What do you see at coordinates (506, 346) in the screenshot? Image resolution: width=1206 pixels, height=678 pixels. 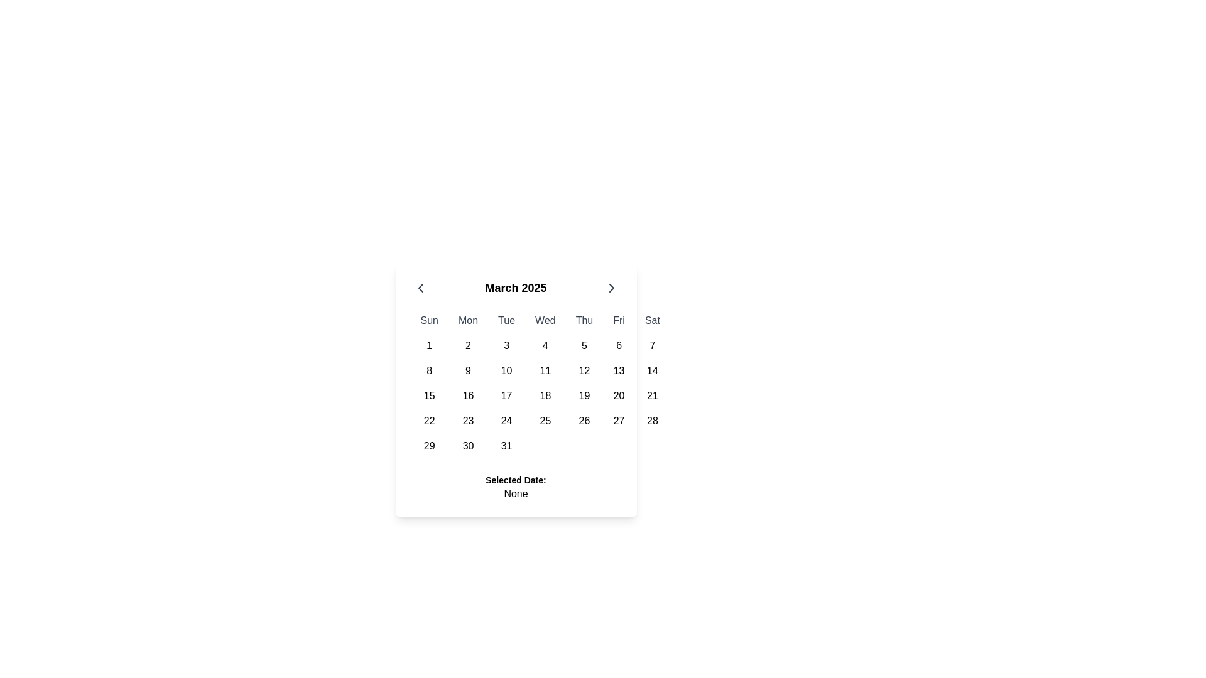 I see `the third button in a sequence of seven selectable items` at bounding box center [506, 346].